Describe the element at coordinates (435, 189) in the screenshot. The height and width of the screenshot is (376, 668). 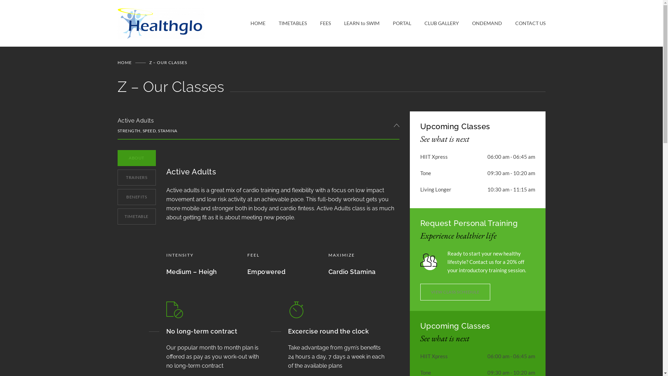
I see `'Living Longer'` at that location.